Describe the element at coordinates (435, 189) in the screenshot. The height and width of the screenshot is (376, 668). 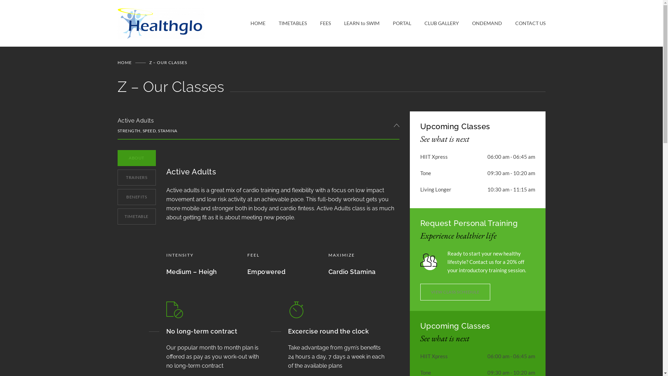
I see `'Living Longer'` at that location.